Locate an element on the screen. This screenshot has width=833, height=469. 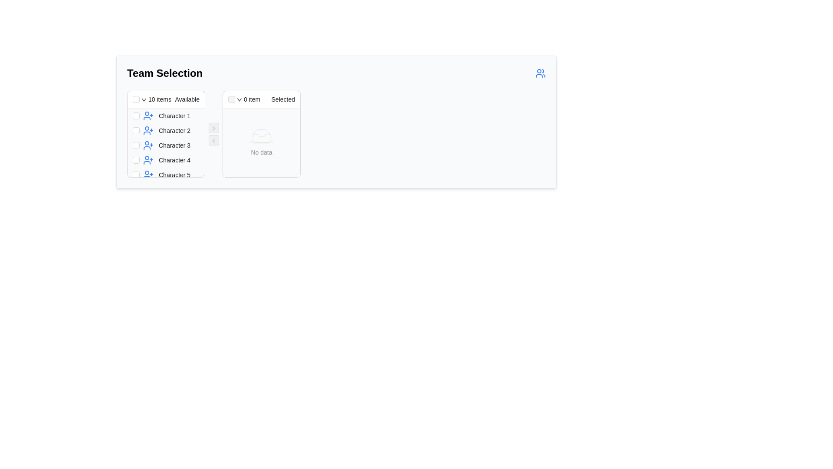
the text label displaying 'Character 1', which is located in the first row under the 'Available' section, to the right of a user icon and a checkbox is located at coordinates (174, 115).